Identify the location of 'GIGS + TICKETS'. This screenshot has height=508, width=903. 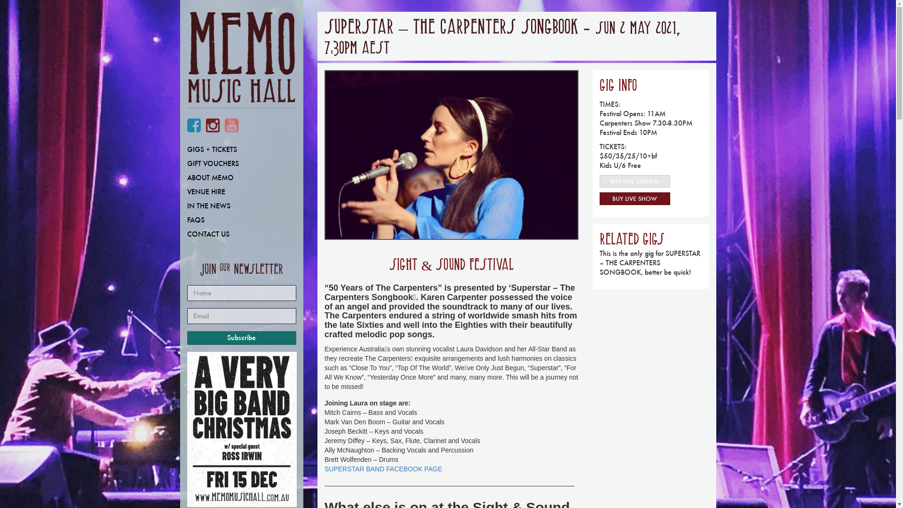
(241, 149).